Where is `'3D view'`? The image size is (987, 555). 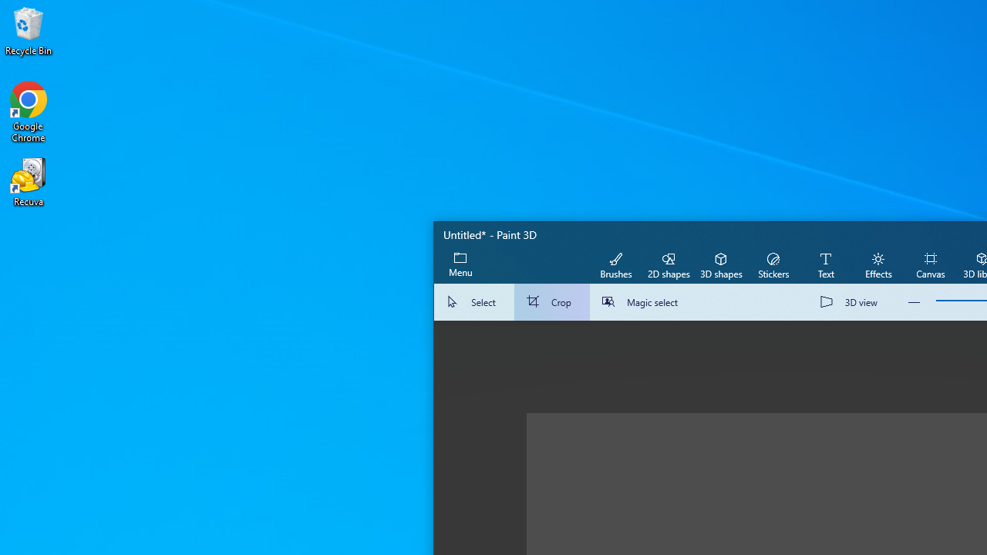 '3D view' is located at coordinates (851, 302).